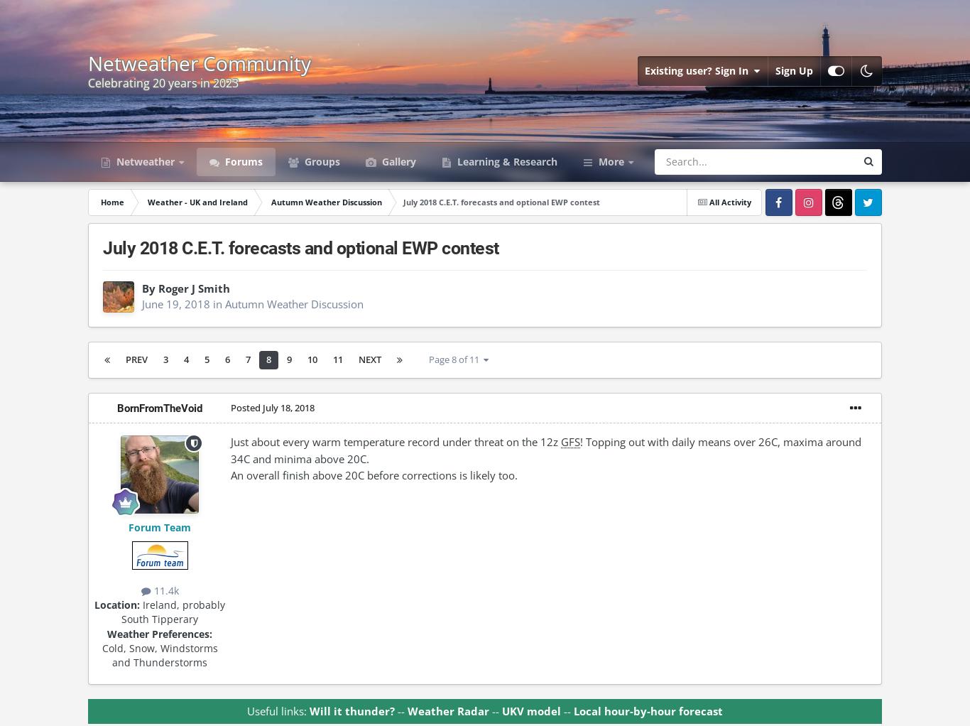 The height and width of the screenshot is (726, 970). I want to click on '! Topping out with daily means over 26C, maxima around 34C and minima above 20C.', so click(546, 450).